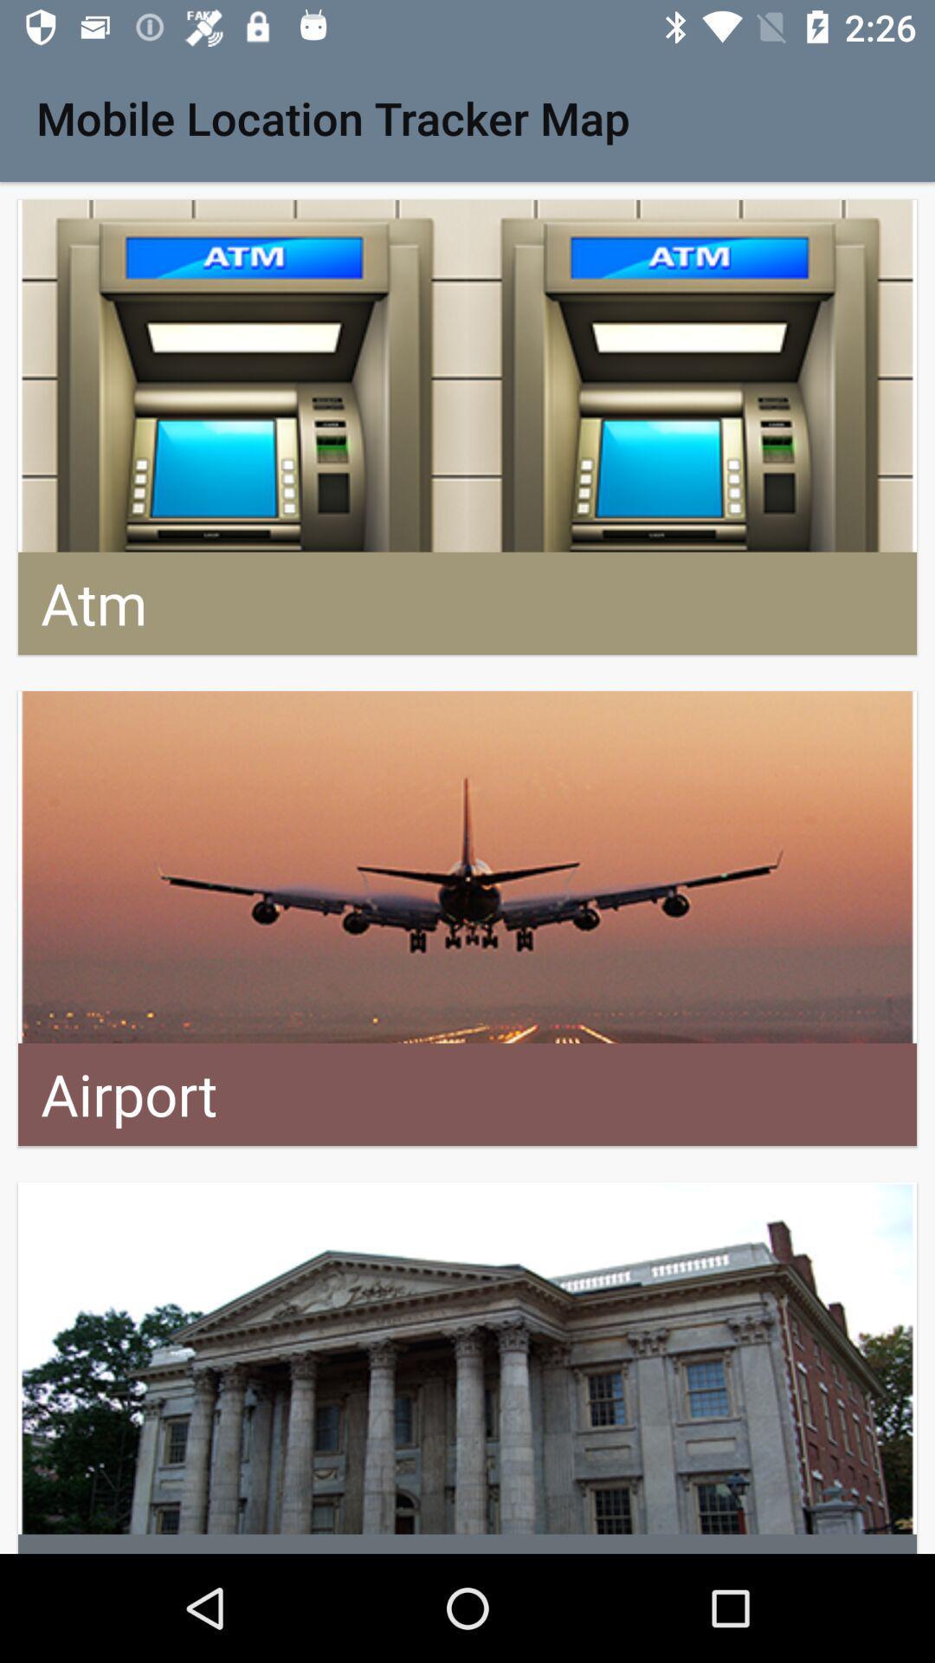 The width and height of the screenshot is (935, 1663). Describe the element at coordinates (467, 1367) in the screenshot. I see `image` at that location.